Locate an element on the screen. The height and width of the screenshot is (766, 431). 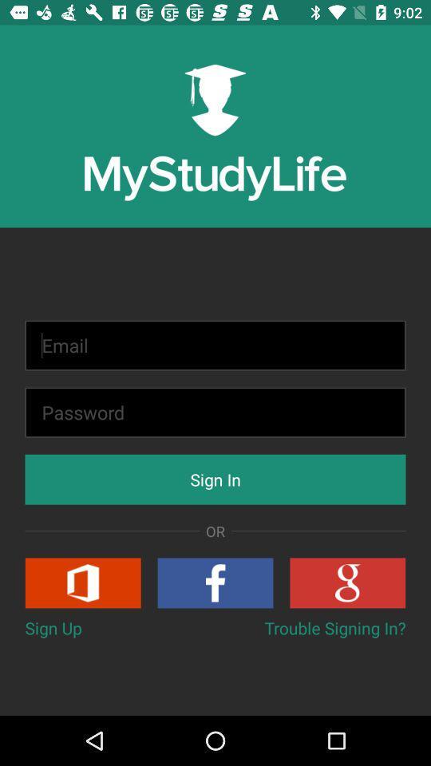
the facebook icon is located at coordinates (215, 582).